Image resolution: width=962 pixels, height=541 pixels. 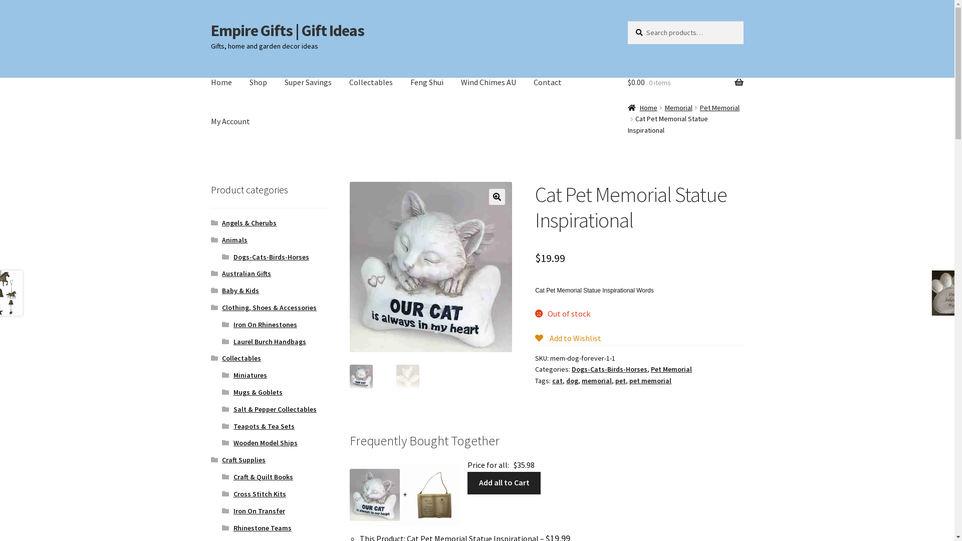 I want to click on 'Wooden Model Ships', so click(x=232, y=442).